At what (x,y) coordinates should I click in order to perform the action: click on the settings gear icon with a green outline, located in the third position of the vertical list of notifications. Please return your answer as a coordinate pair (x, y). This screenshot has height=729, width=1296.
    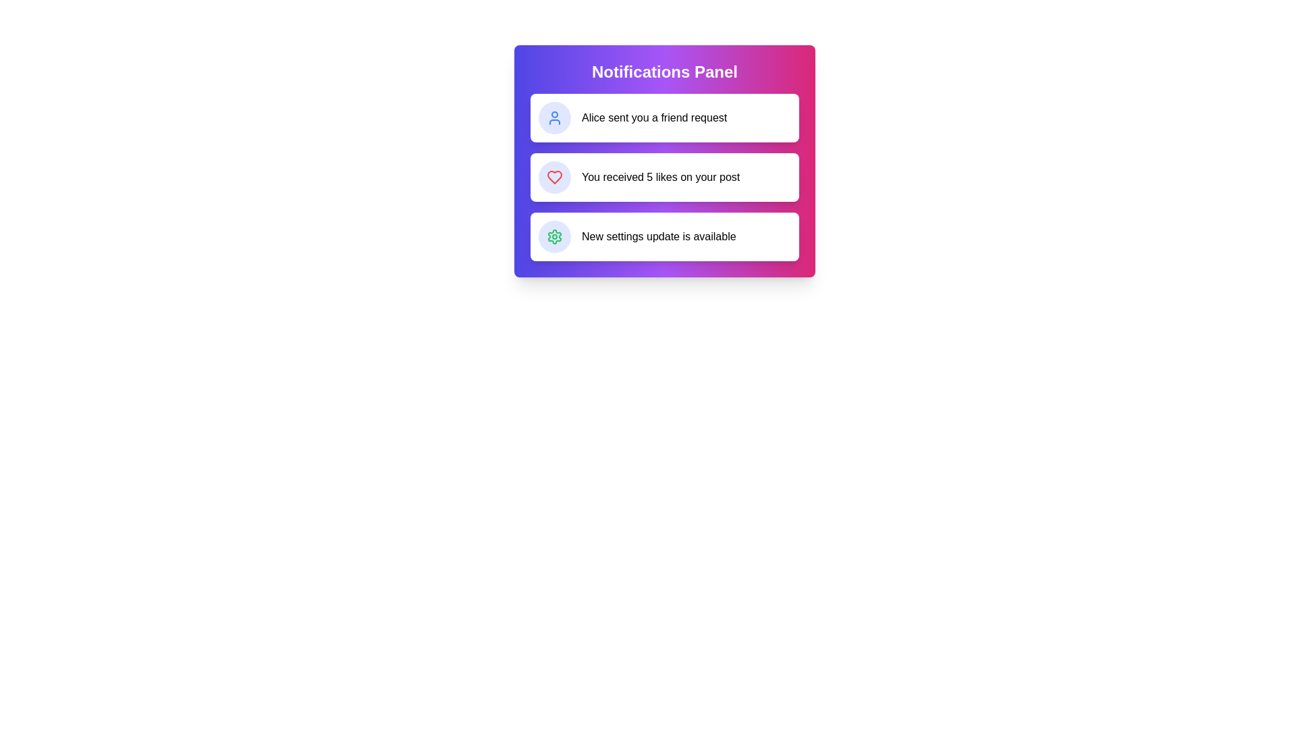
    Looking at the image, I should click on (554, 236).